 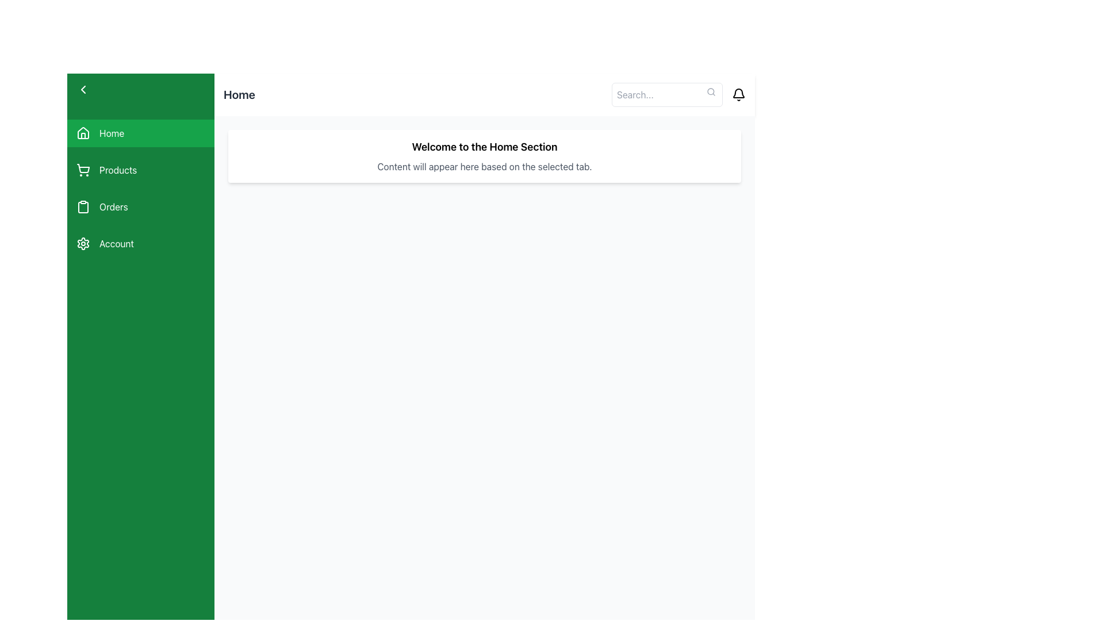 I want to click on the cogwheel-shaped icon in the 'Account' menu, which is styled in a line-drawing method and is located on the left side of the menu area, so click(x=82, y=243).